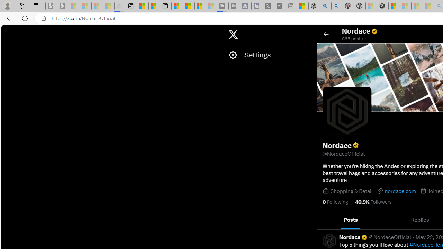  I want to click on 'Square profile picture and Opens profile photo', so click(347, 111).